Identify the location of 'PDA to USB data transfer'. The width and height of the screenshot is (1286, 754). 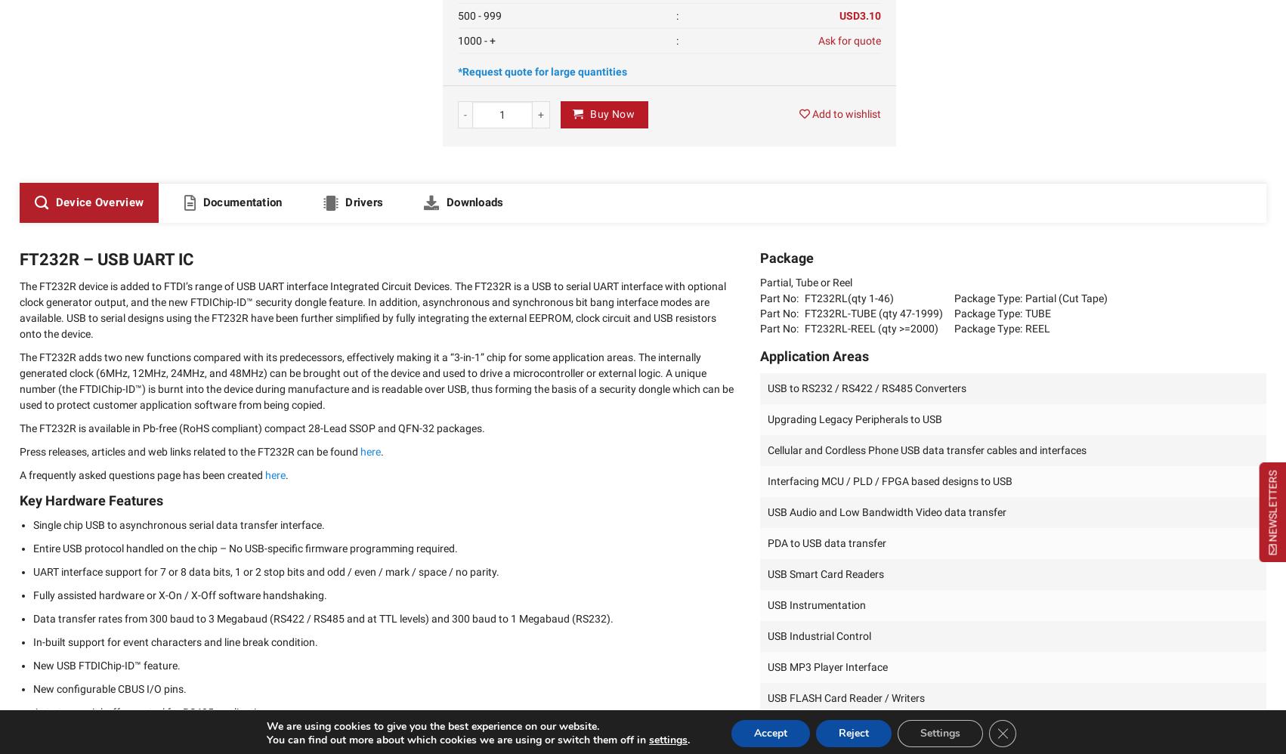
(825, 542).